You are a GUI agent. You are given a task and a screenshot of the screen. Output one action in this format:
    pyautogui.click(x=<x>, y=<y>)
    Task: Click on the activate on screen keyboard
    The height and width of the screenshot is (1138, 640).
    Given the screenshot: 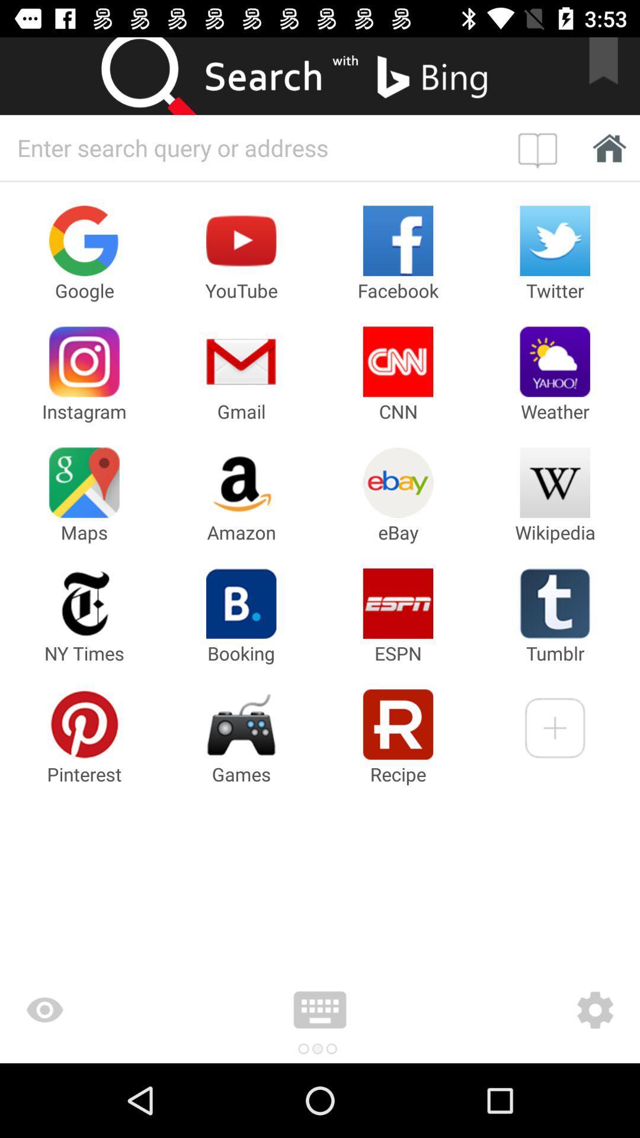 What is the action you would take?
    pyautogui.click(x=320, y=1009)
    